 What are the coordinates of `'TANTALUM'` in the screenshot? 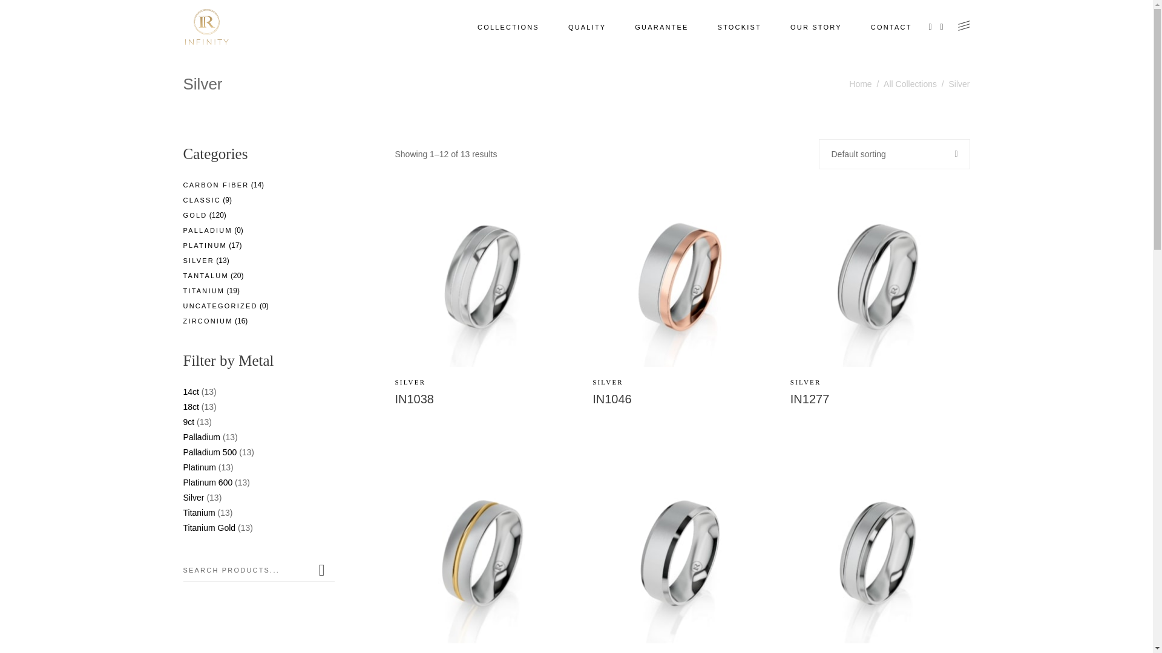 It's located at (205, 275).